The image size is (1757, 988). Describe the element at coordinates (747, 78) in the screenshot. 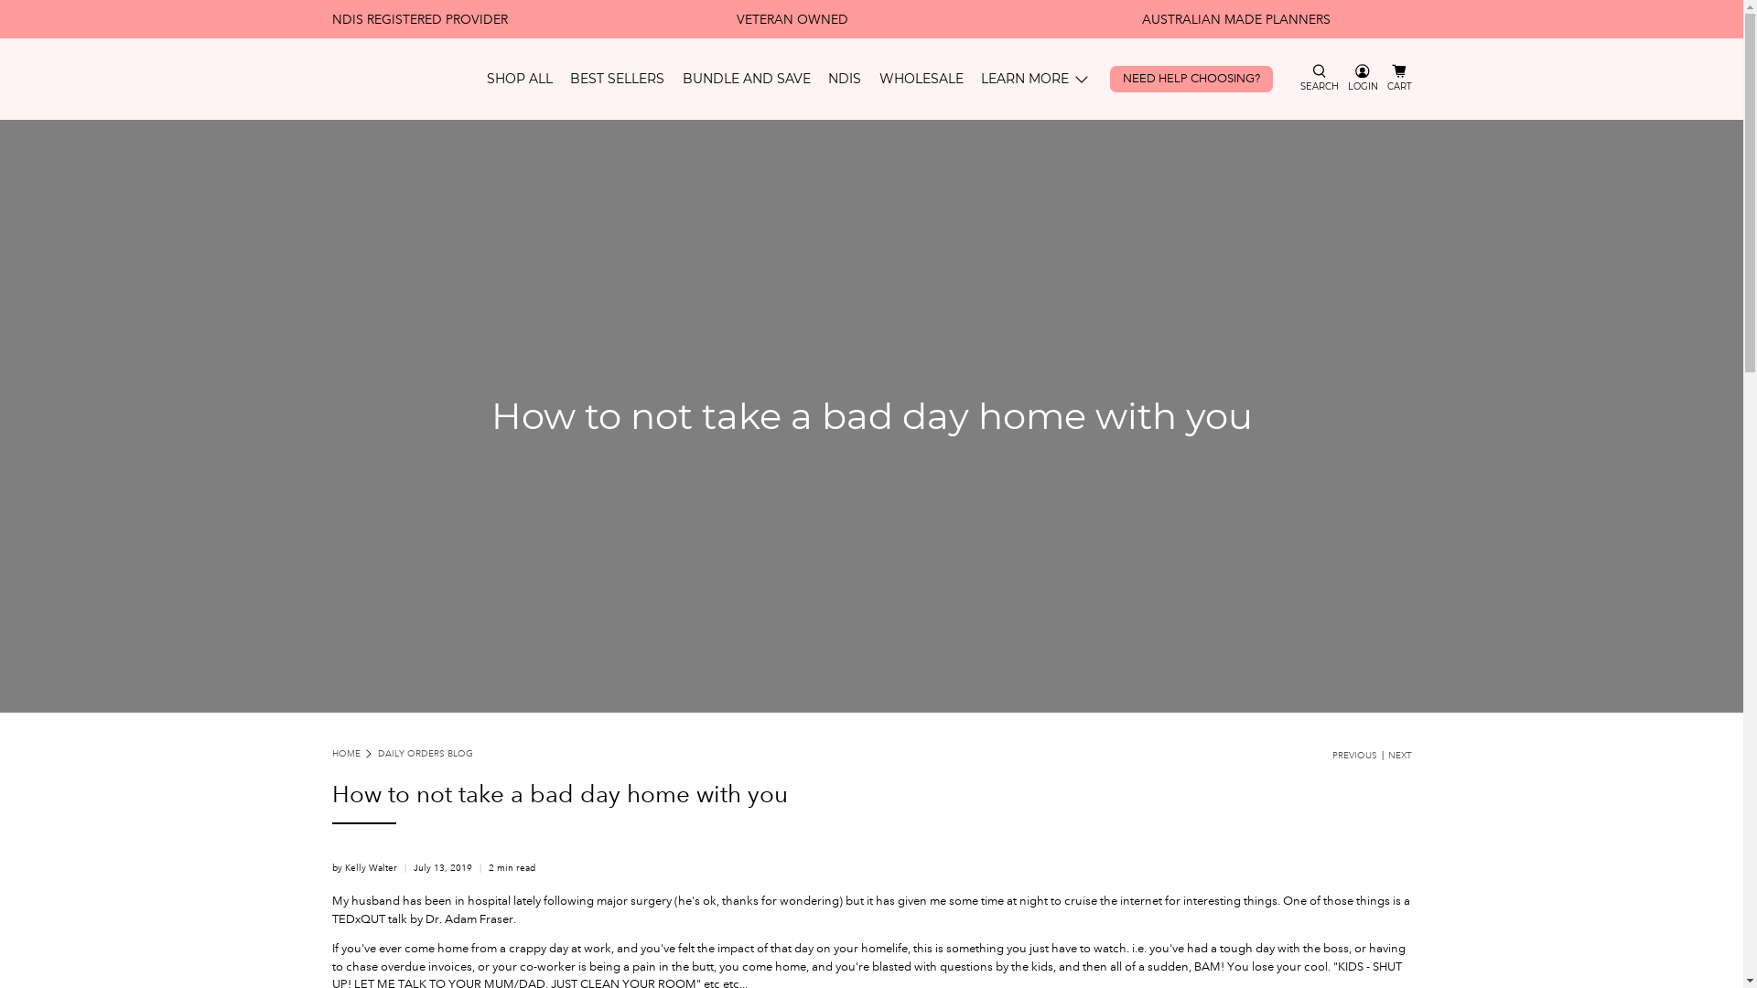

I see `'BUNDLE AND SAVE'` at that location.